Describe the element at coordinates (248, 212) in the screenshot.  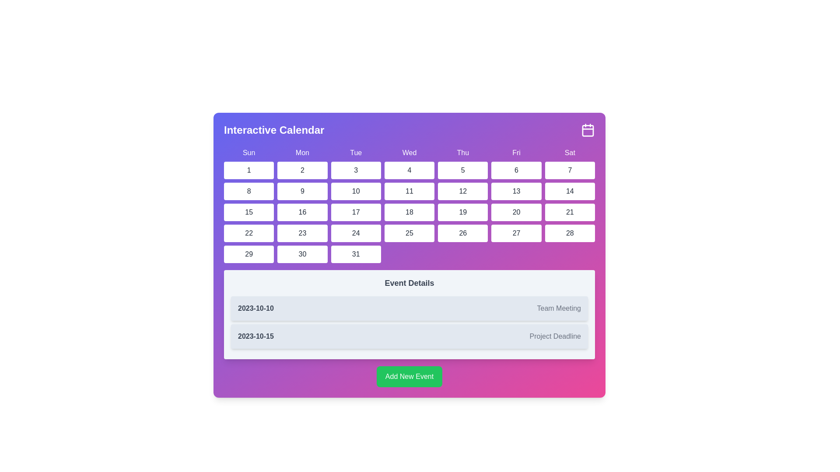
I see `the white rectangular button labeled '15' located beneath the day 'Sun' in the third row, fifth column of the calendar grid` at that location.